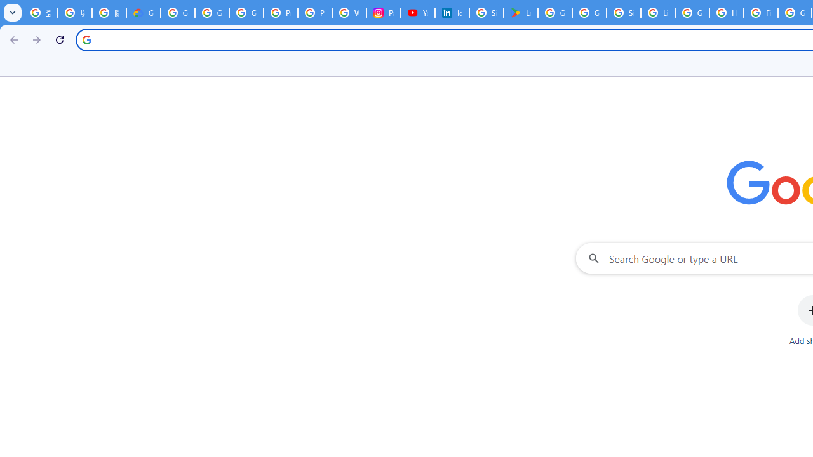 This screenshot has height=457, width=813. I want to click on 'Google Workspace - Specific Terms', so click(589, 13).